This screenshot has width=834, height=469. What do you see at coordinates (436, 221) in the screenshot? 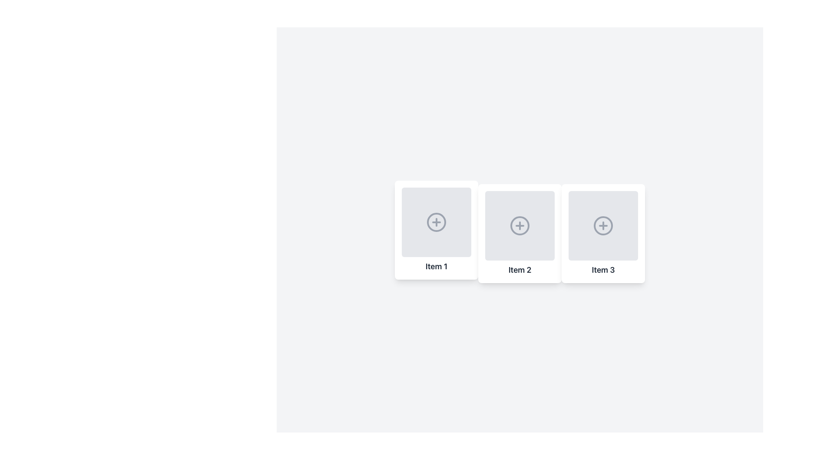
I see `circle element that is part of the plus icon in Item 1 card for UI testing` at bounding box center [436, 221].